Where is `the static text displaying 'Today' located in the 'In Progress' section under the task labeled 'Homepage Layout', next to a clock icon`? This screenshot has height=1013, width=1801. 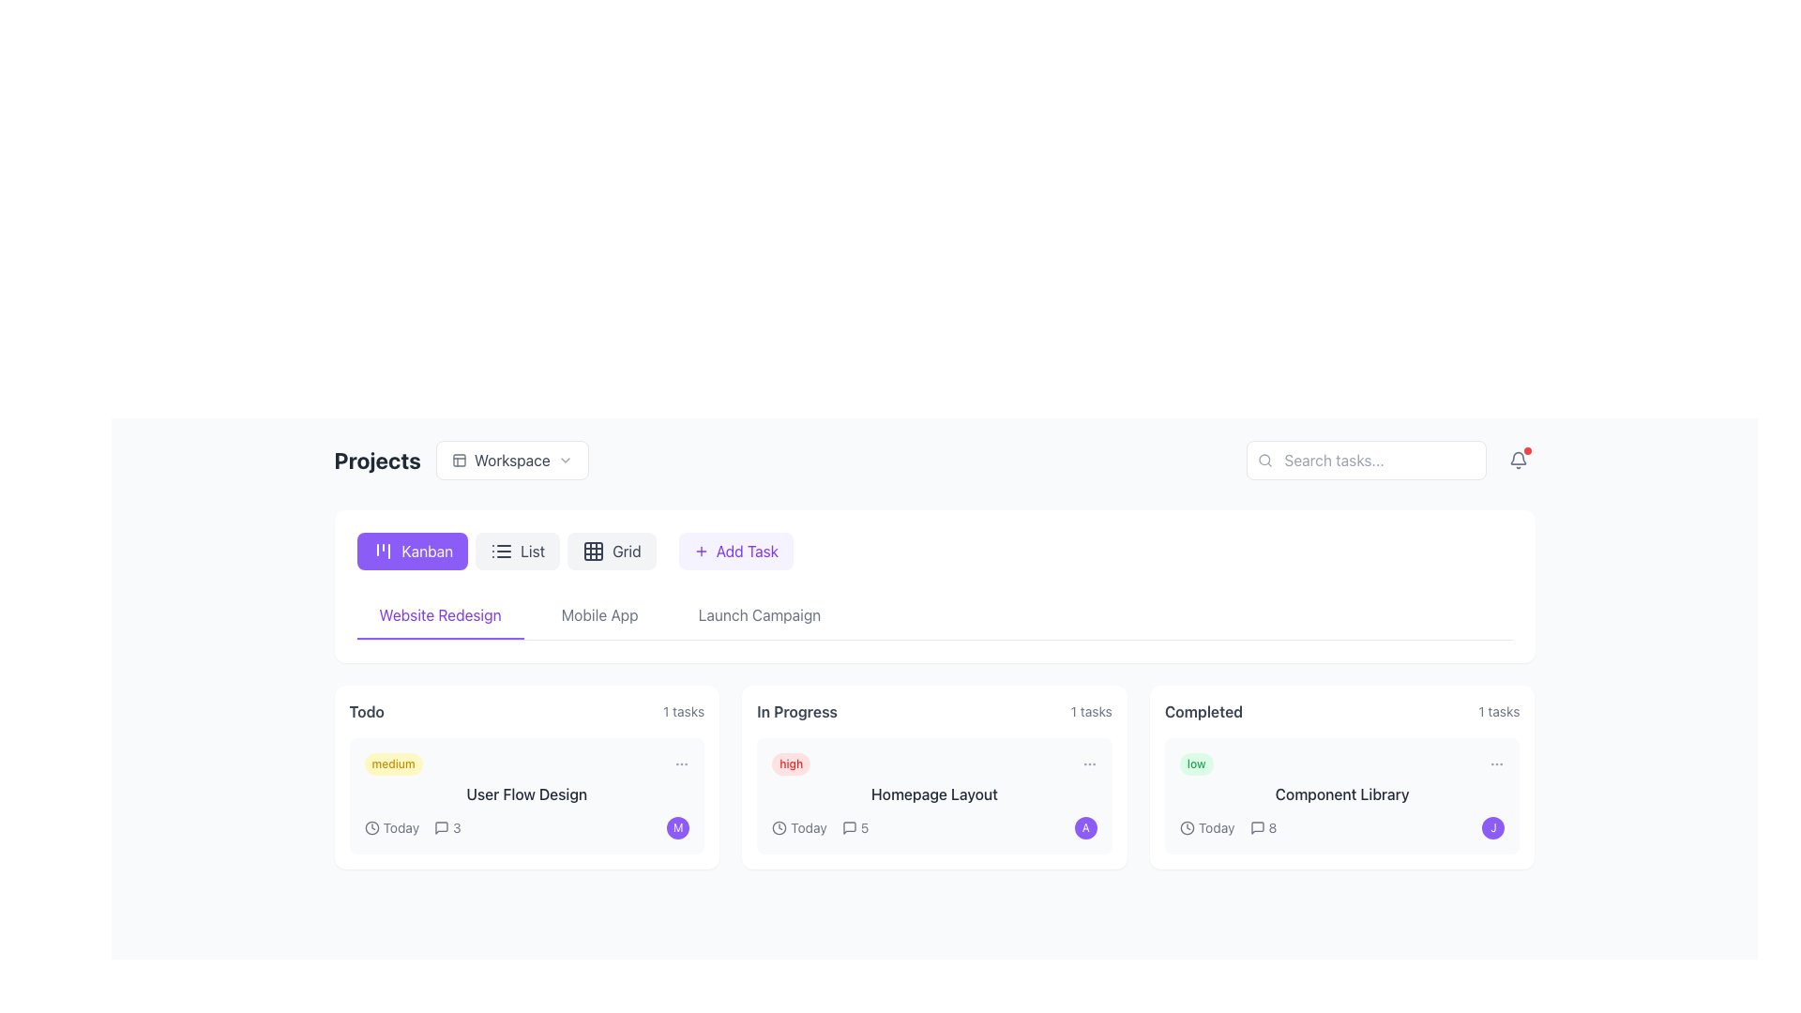
the static text displaying 'Today' located in the 'In Progress' section under the task labeled 'Homepage Layout', next to a clock icon is located at coordinates (809, 827).